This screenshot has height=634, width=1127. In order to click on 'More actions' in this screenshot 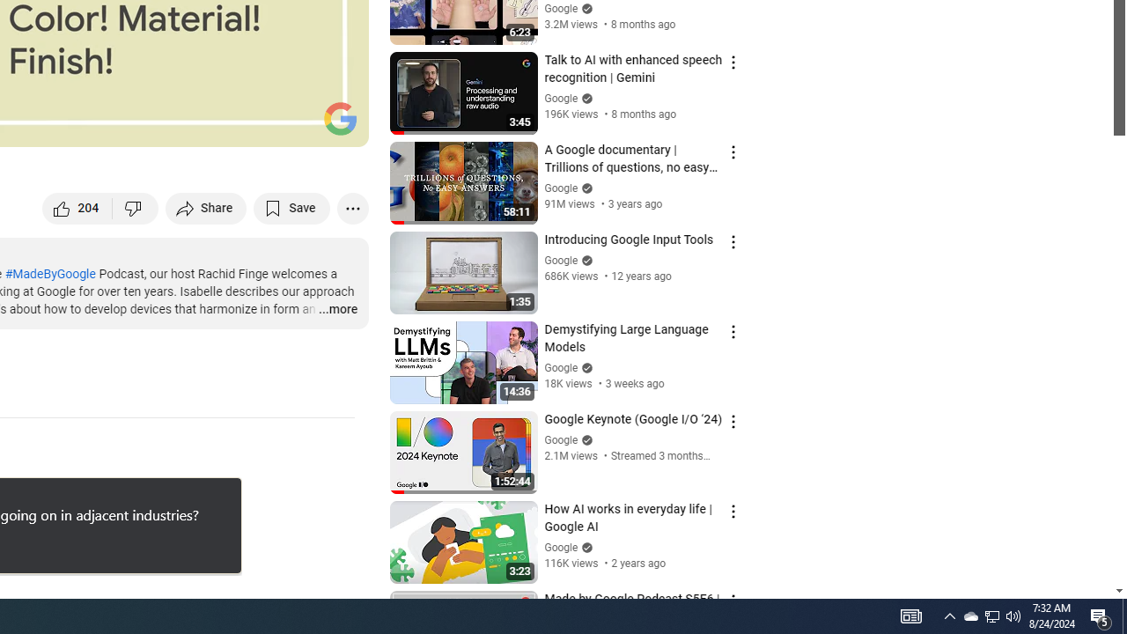, I will do `click(352, 207)`.